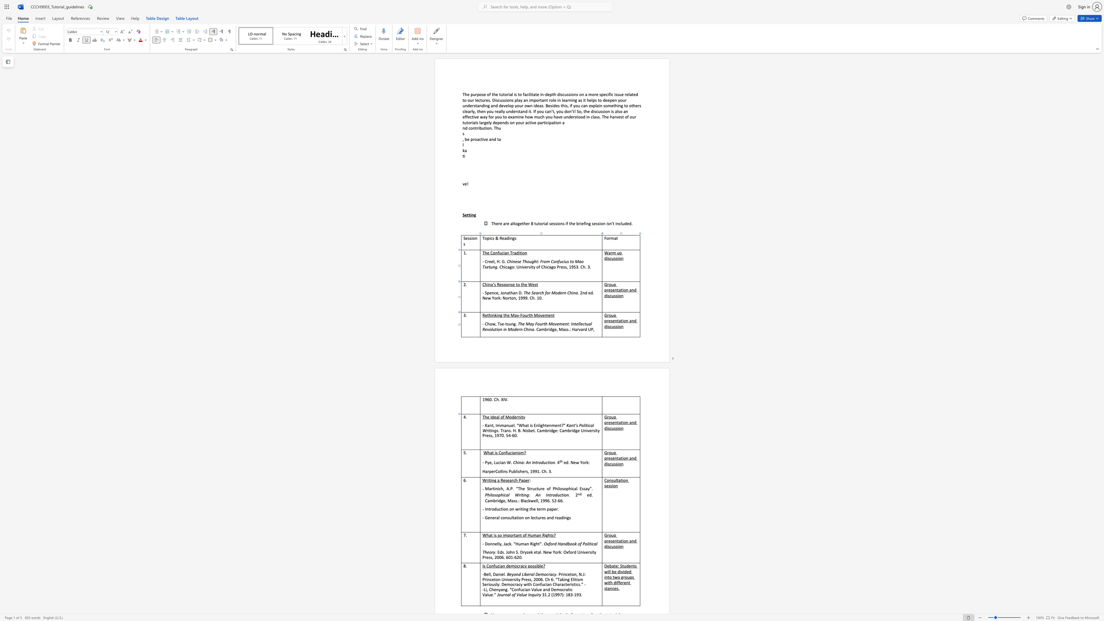 The width and height of the screenshot is (1104, 621). I want to click on the space between the continuous character "t" and "i" in the text, so click(621, 422).